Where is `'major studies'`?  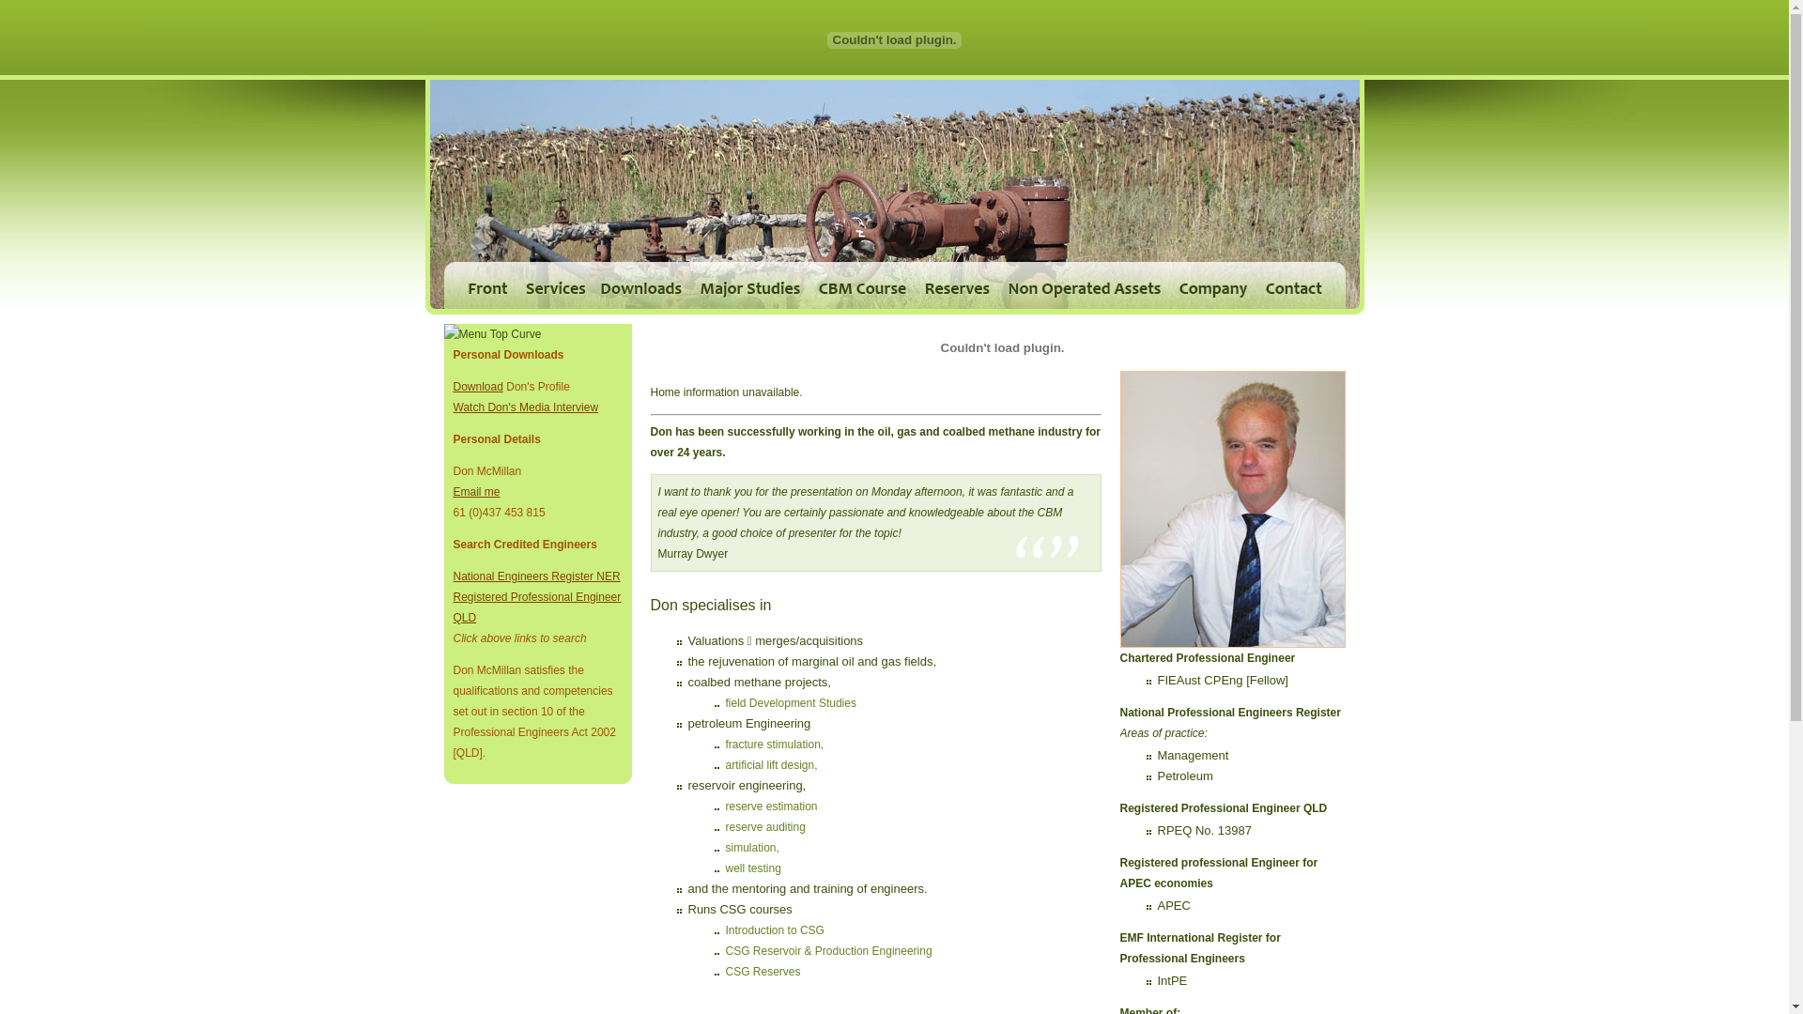
'major studies' is located at coordinates (748, 285).